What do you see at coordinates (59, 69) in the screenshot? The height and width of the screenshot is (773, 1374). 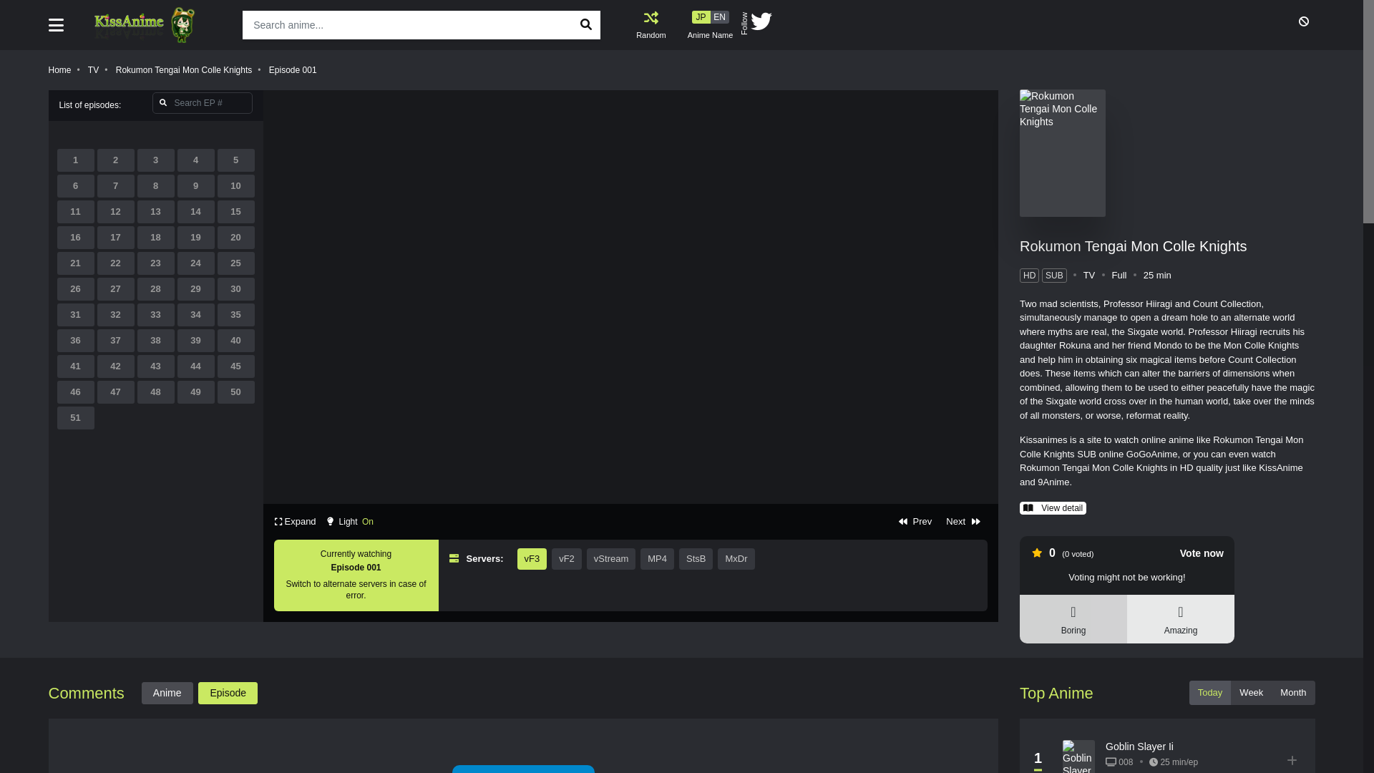 I see `'Home'` at bounding box center [59, 69].